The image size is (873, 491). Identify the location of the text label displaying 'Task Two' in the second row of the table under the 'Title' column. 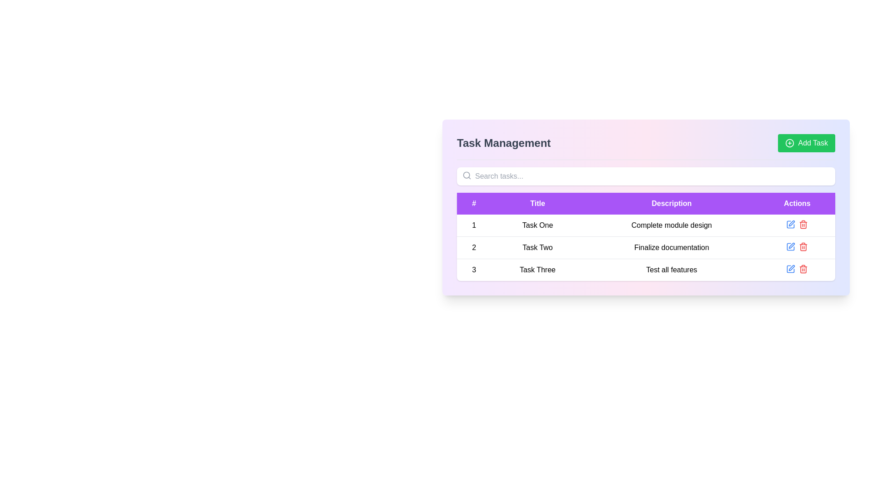
(537, 247).